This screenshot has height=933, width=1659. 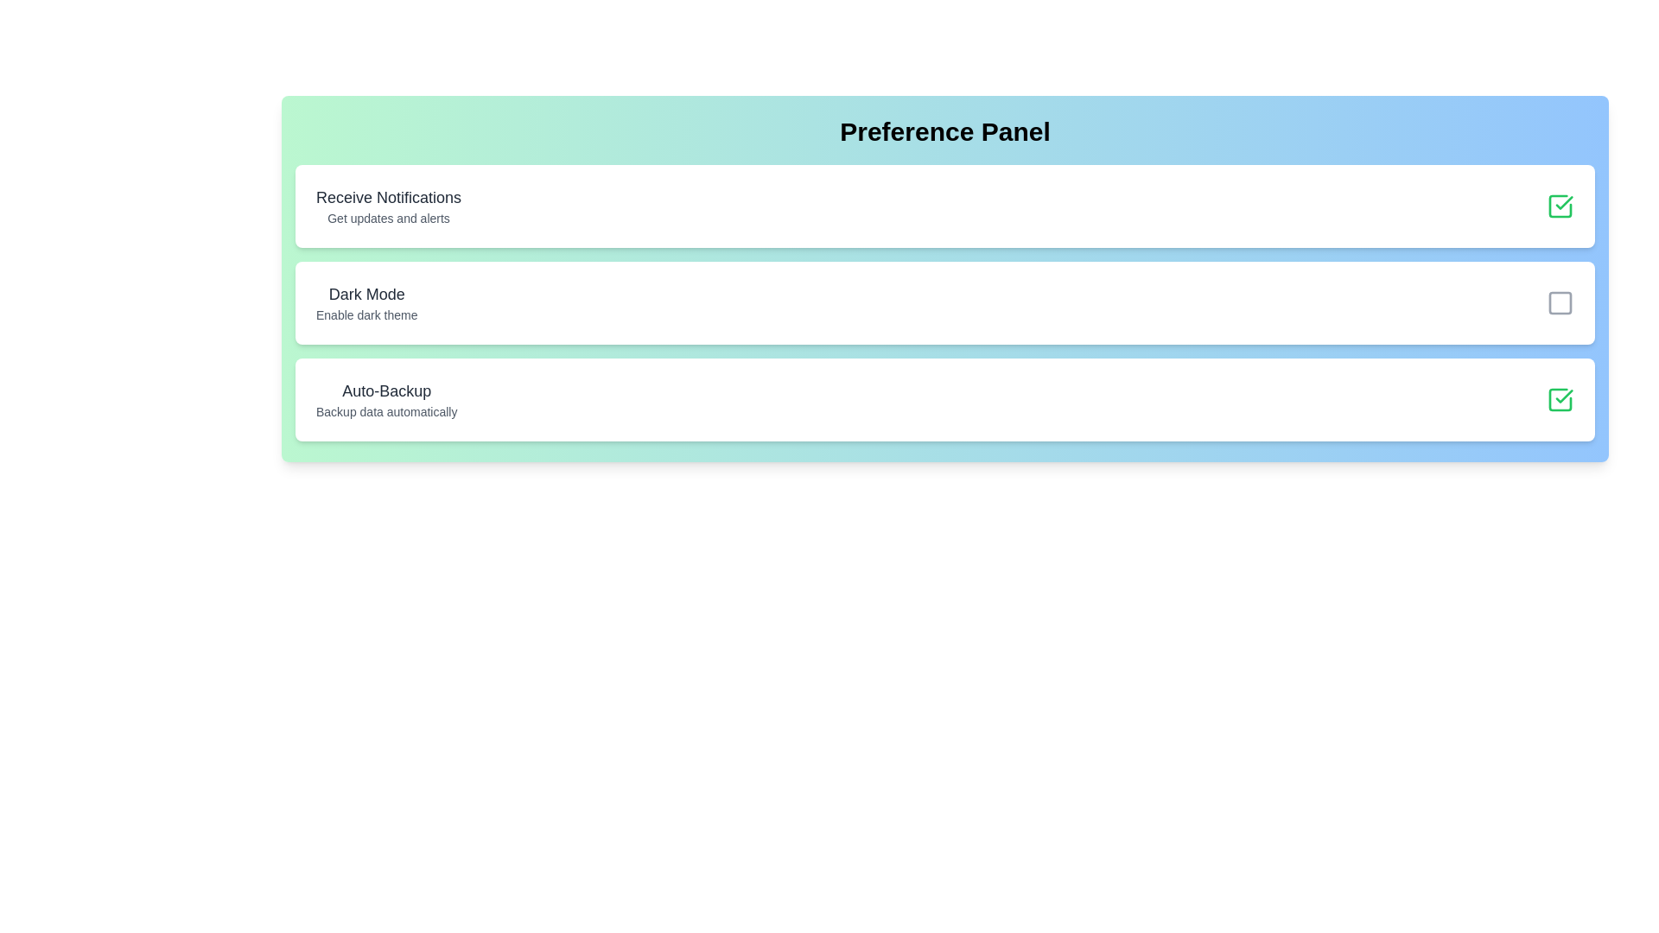 What do you see at coordinates (1560, 399) in the screenshot?
I see `the checkbox representing the 'Auto-Backup' feature` at bounding box center [1560, 399].